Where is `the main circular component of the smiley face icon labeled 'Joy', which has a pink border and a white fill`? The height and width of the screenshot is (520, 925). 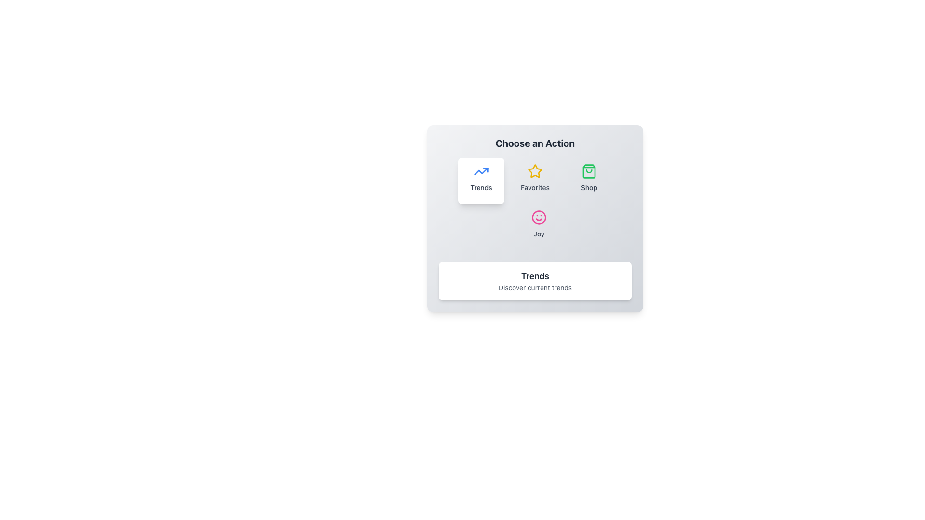
the main circular component of the smiley face icon labeled 'Joy', which has a pink border and a white fill is located at coordinates (538, 217).